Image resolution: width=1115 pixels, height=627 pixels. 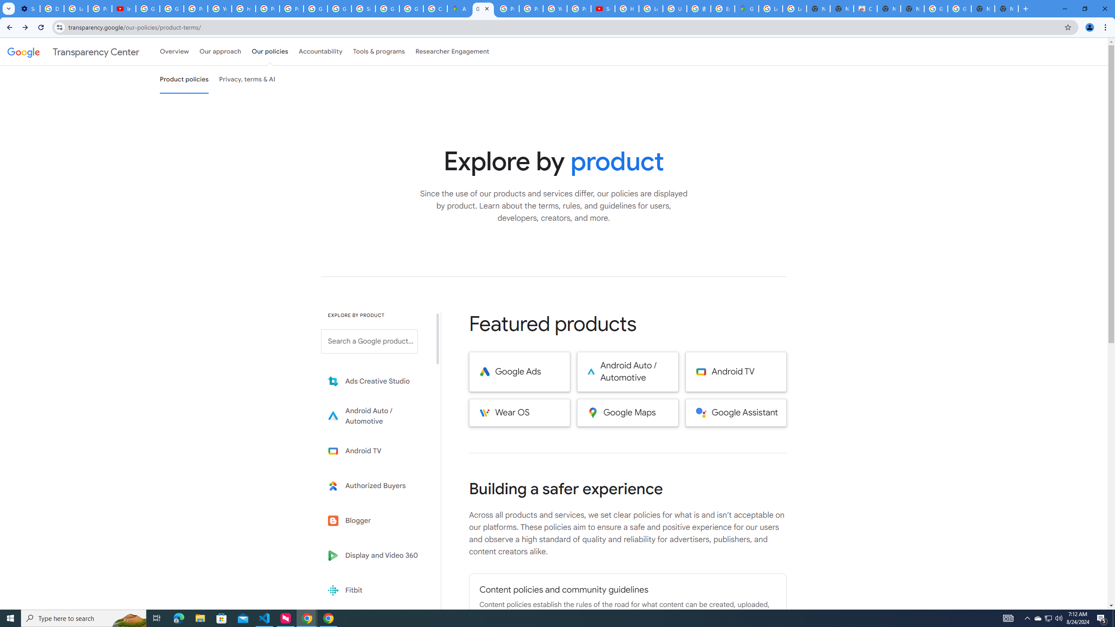 I want to click on 'YouTube', so click(x=554, y=8).